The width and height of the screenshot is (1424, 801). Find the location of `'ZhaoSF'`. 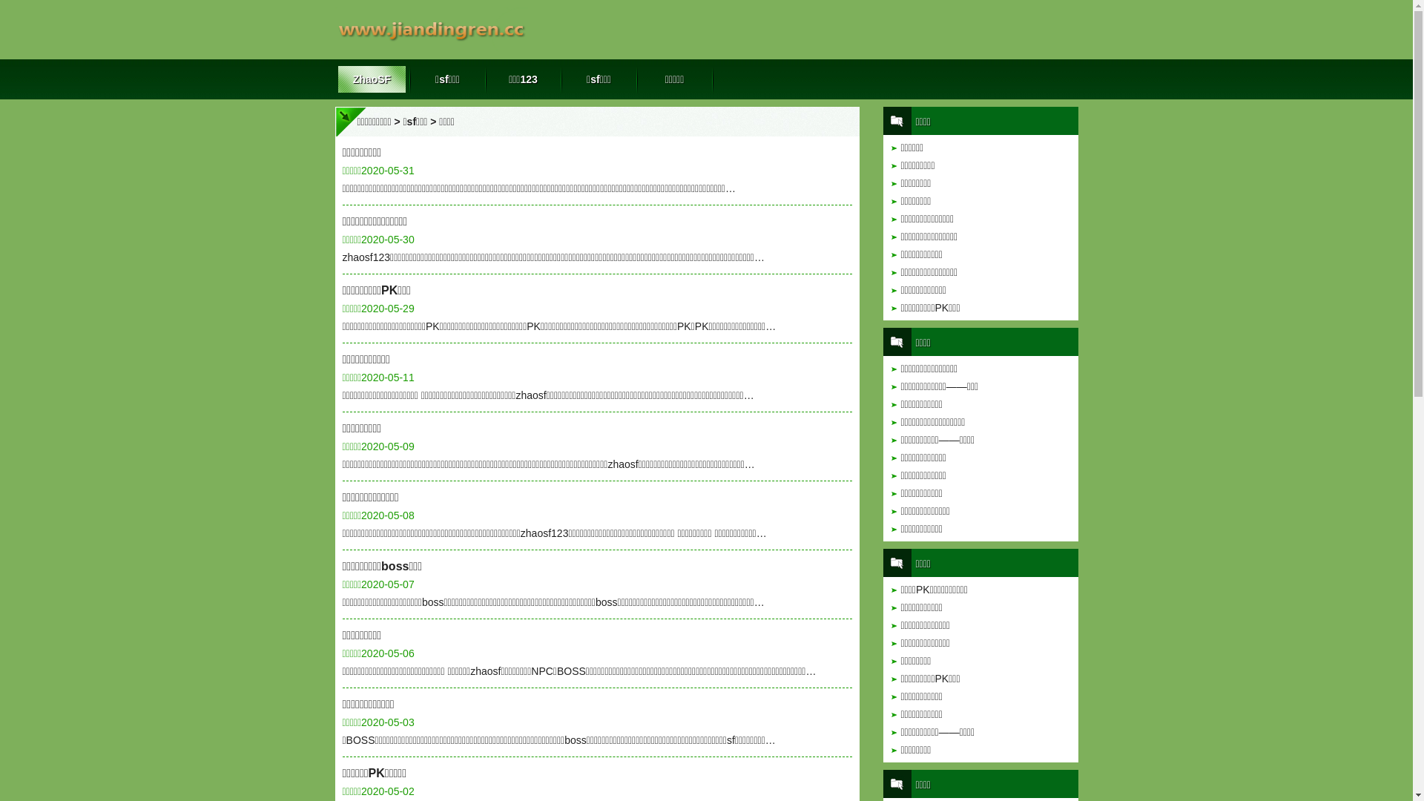

'ZhaoSF' is located at coordinates (372, 79).